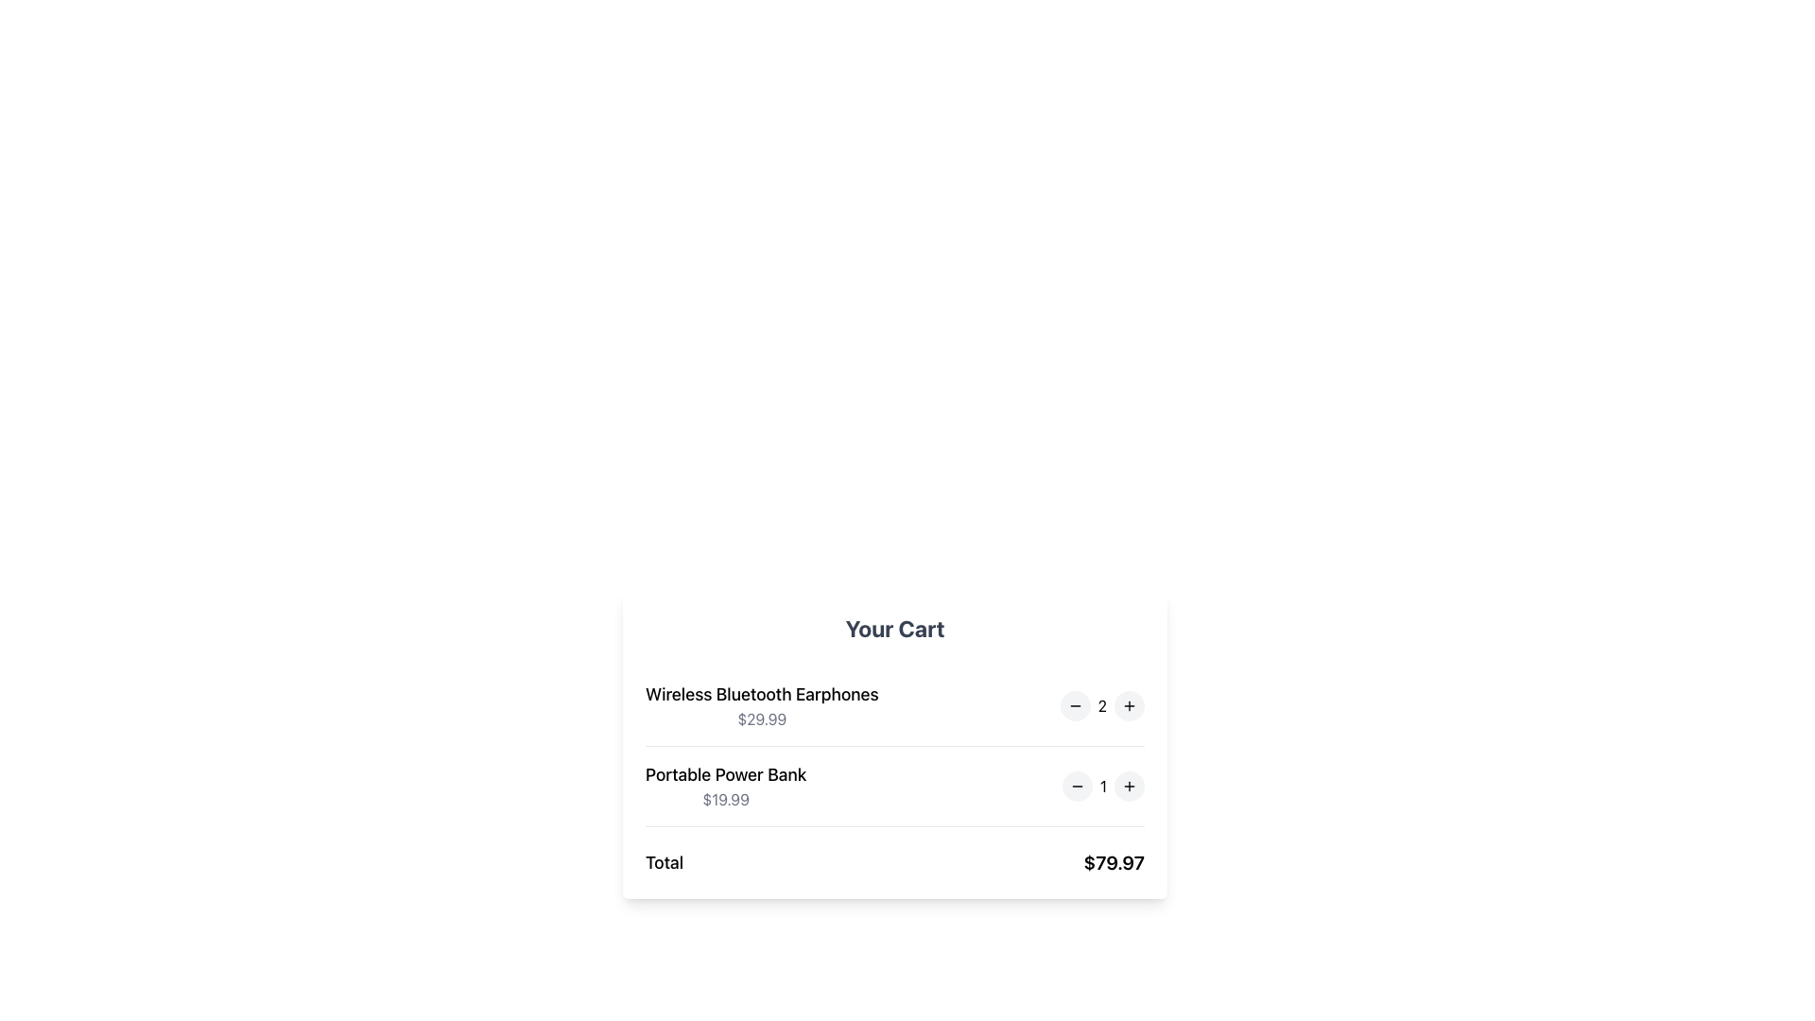  What do you see at coordinates (1102, 706) in the screenshot?
I see `the text displaying the number '2', which is positioned between the 'minus' button and the 'plus' button in the 'Wireless Bluetooth Earphones' item row within the cart section` at bounding box center [1102, 706].